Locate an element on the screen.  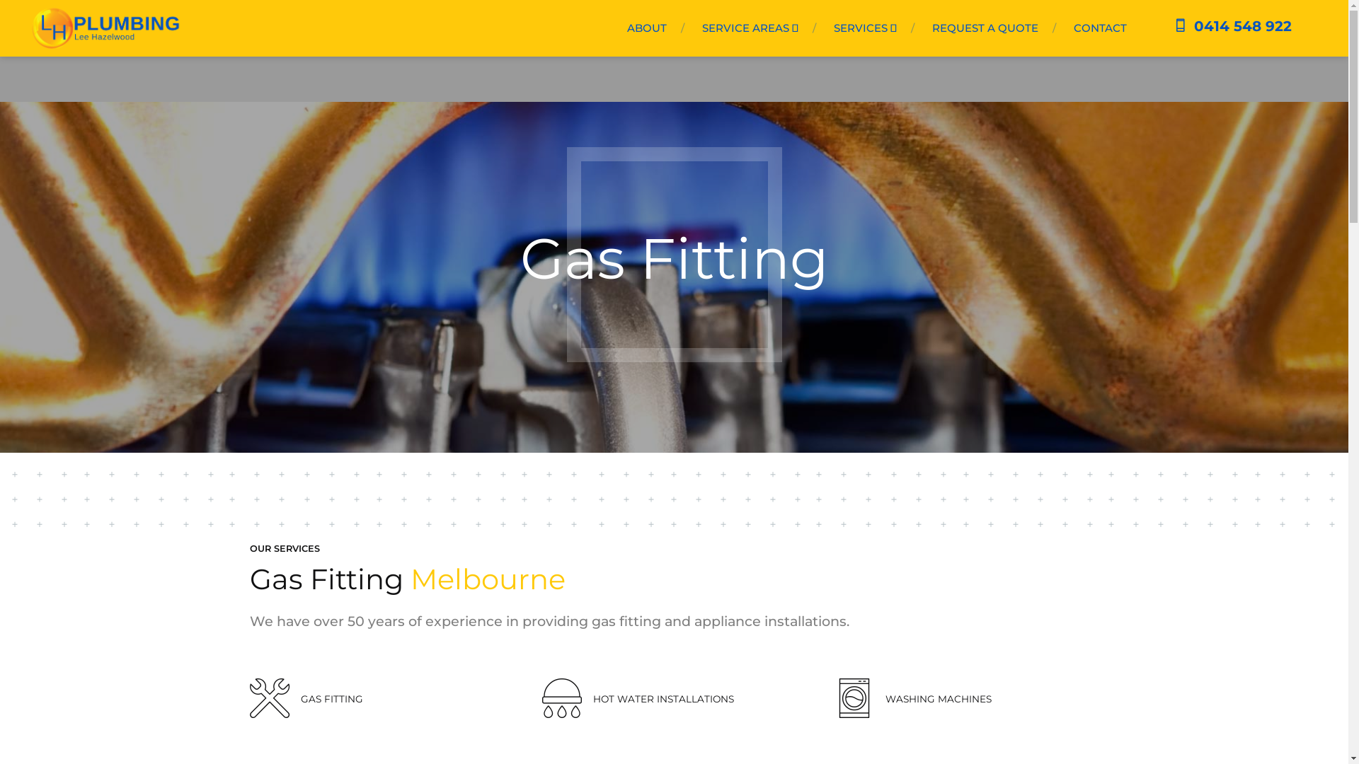
'REQUEST A QUOTE' is located at coordinates (985, 24).